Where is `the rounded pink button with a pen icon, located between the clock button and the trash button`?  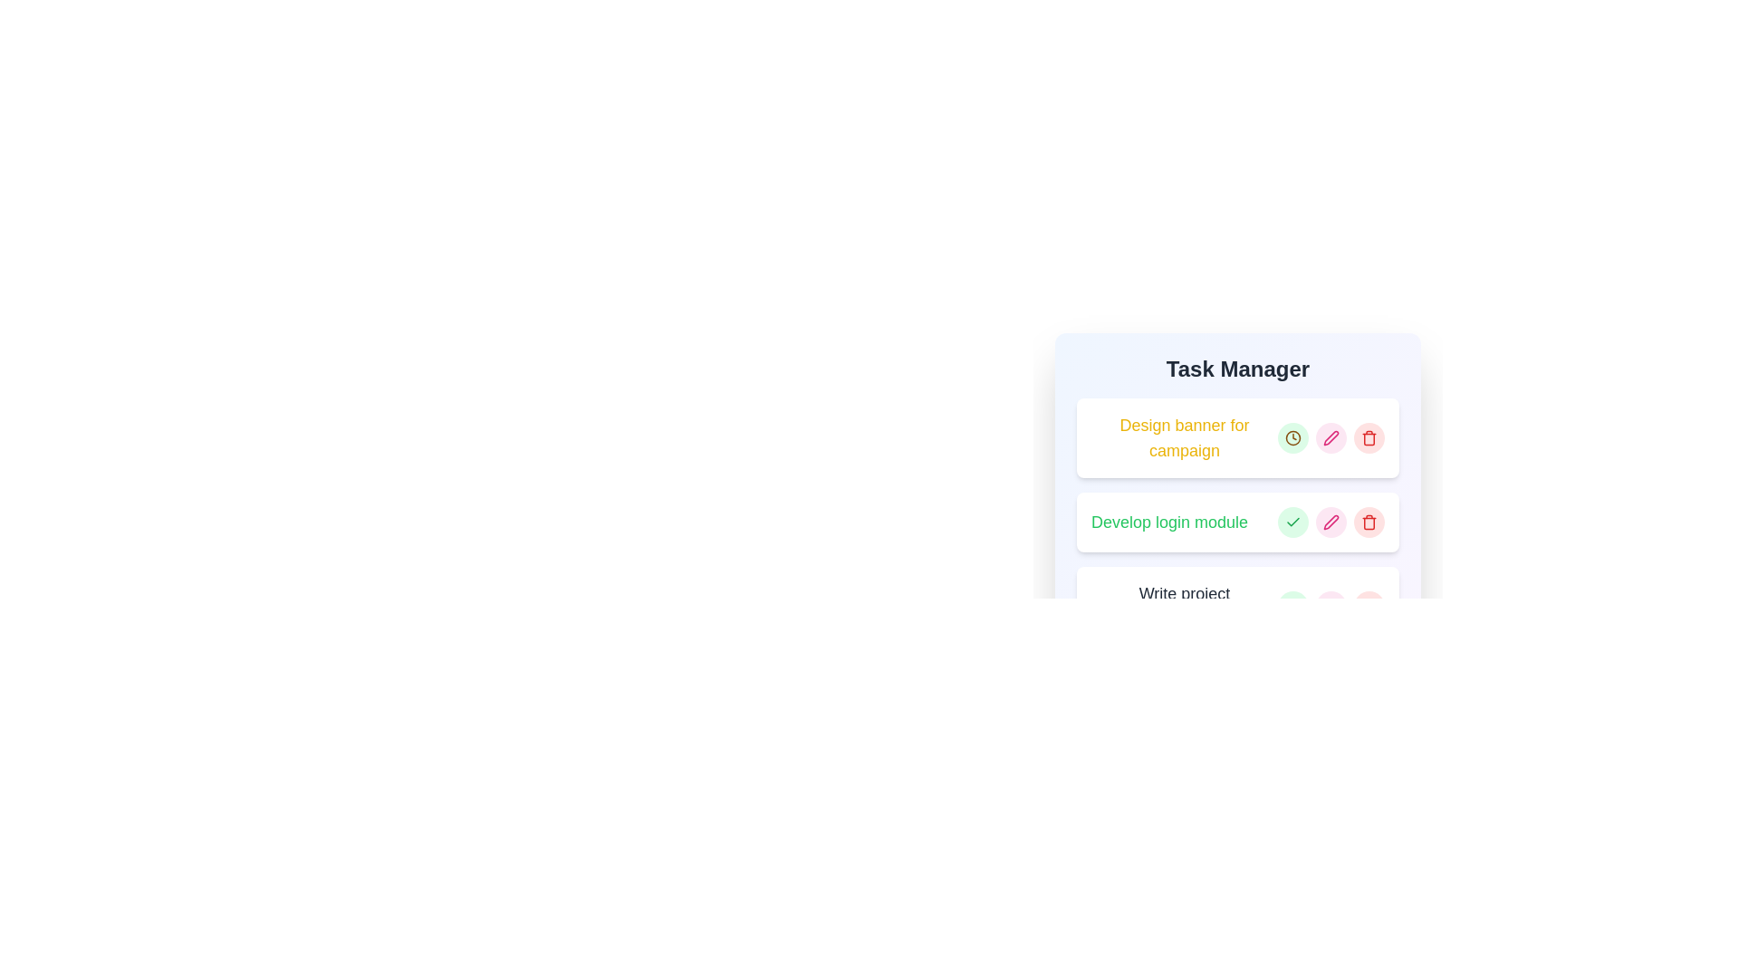 the rounded pink button with a pen icon, located between the clock button and the trash button is located at coordinates (1331, 437).